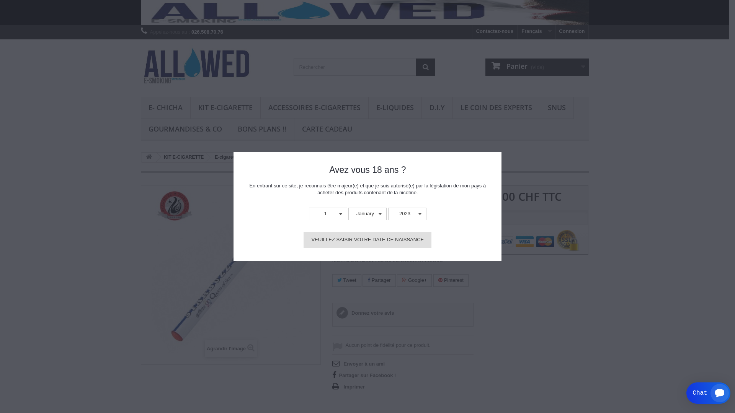  I want to click on 'Imprimer', so click(348, 386).